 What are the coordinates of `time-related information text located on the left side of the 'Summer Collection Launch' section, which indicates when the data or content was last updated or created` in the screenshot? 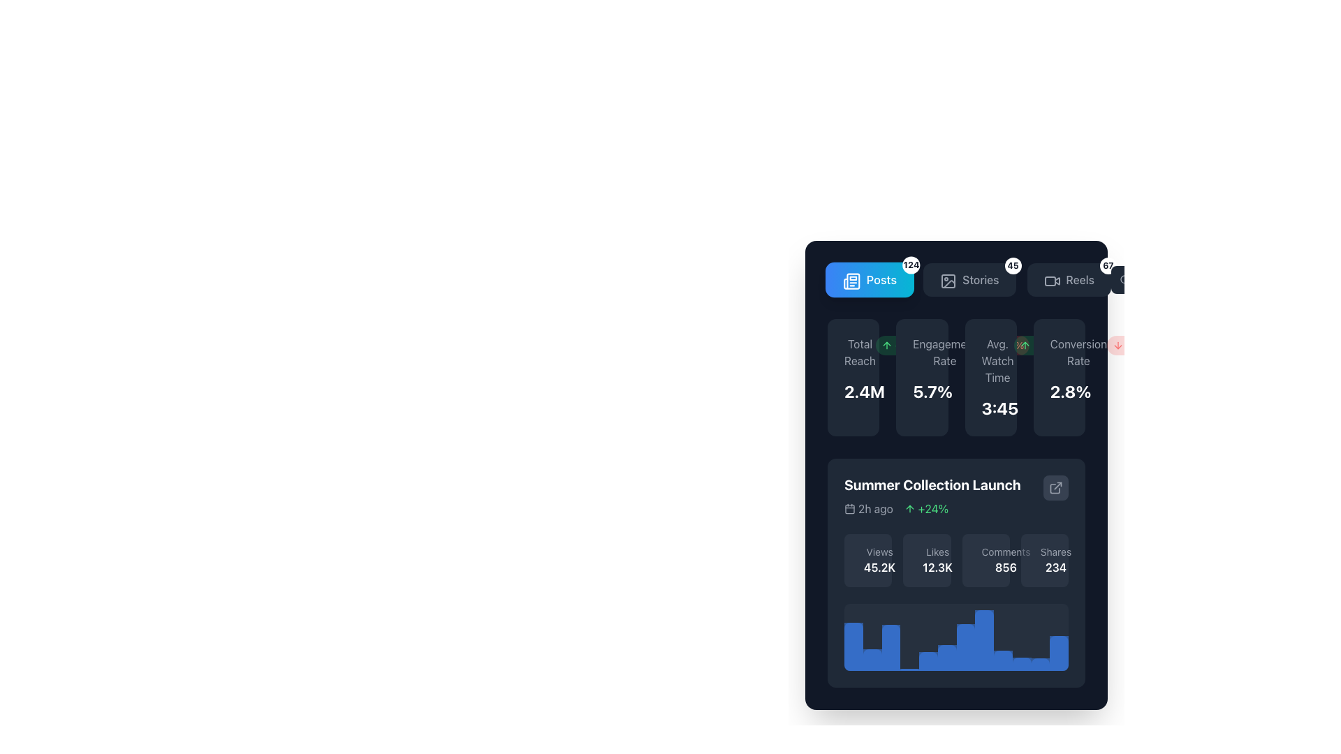 It's located at (867, 509).